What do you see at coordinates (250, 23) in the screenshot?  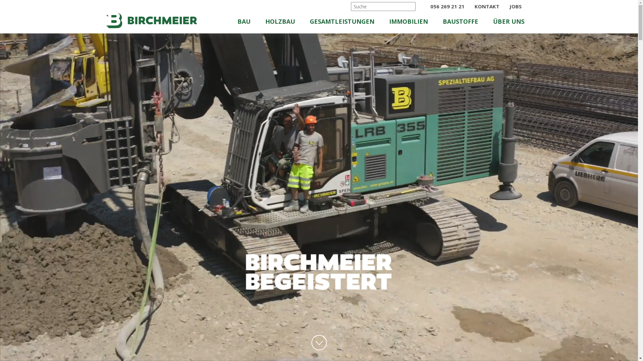 I see `'BAU'` at bounding box center [250, 23].